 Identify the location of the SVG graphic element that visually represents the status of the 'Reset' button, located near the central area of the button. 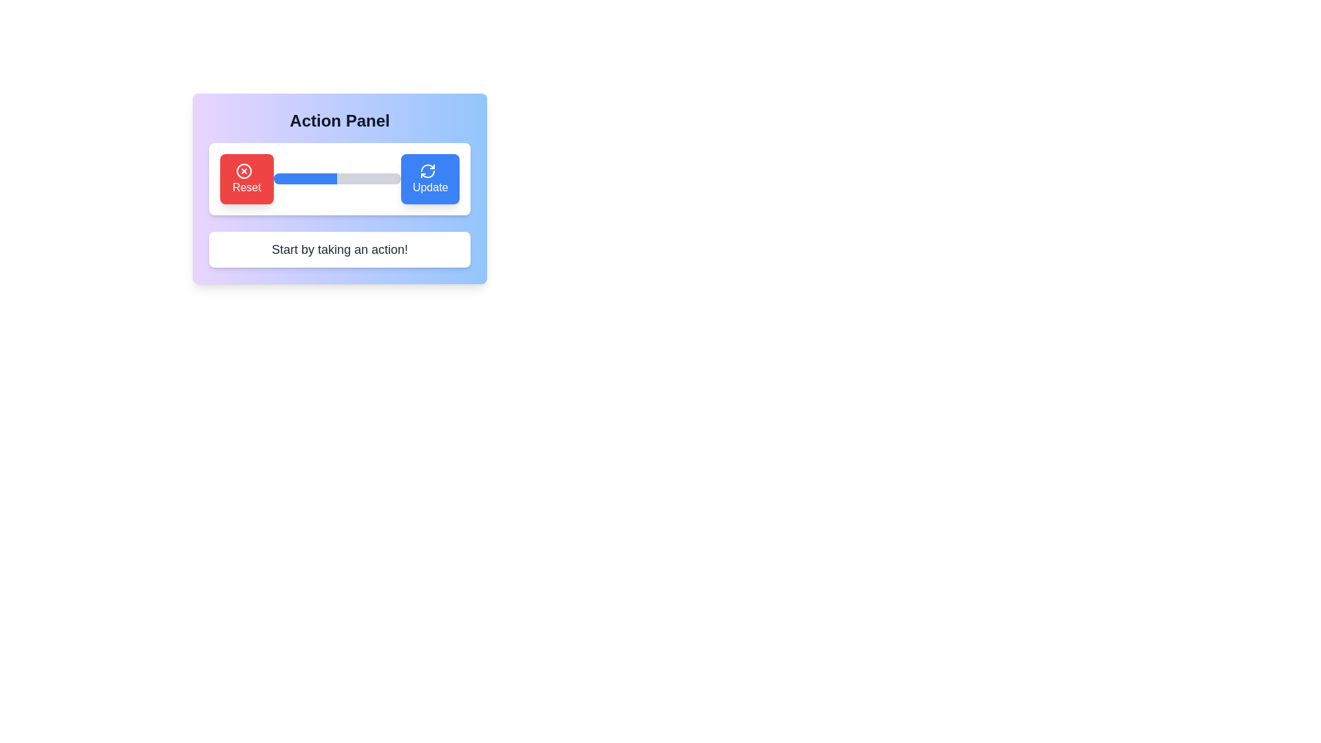
(244, 170).